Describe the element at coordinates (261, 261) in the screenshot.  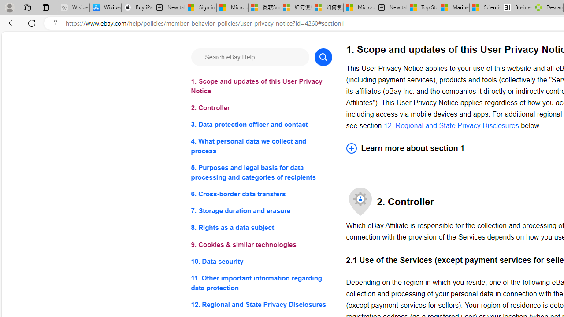
I see `'10. Data security'` at that location.